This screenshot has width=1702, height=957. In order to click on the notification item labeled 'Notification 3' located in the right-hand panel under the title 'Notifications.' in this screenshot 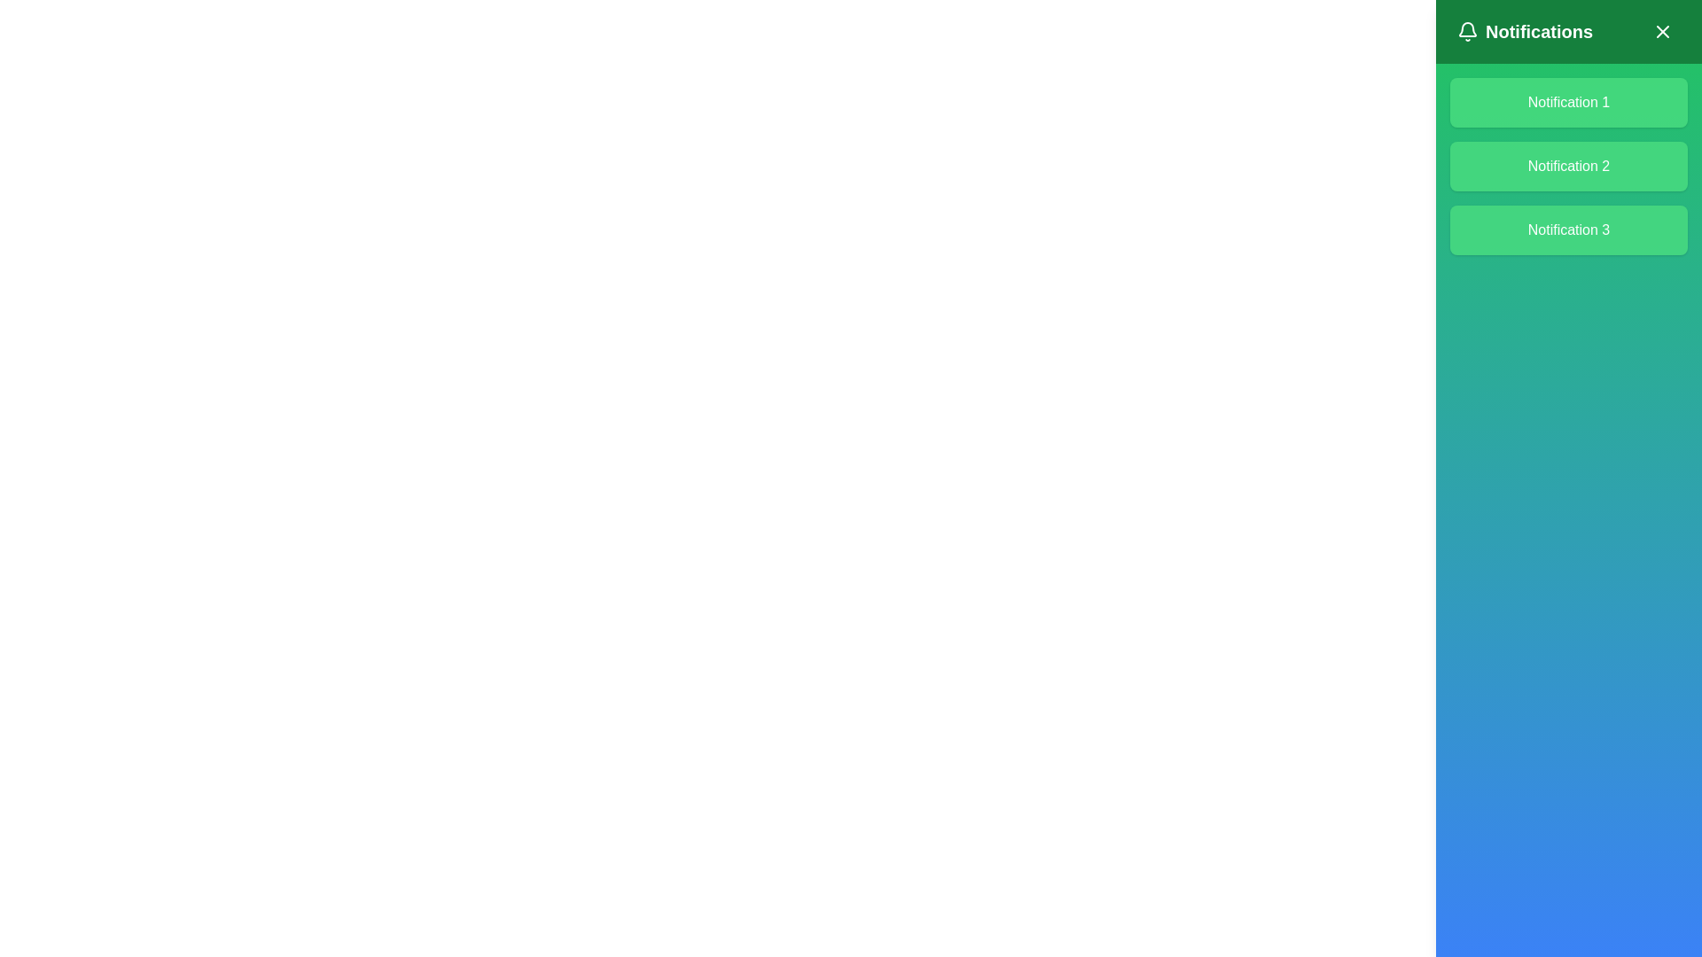, I will do `click(1569, 229)`.